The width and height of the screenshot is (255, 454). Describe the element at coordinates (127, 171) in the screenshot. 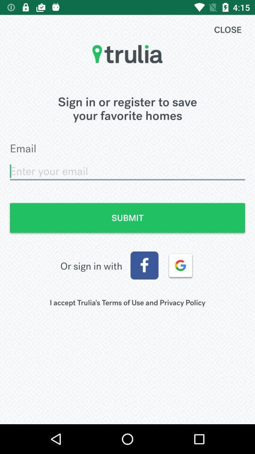

I see `email` at that location.